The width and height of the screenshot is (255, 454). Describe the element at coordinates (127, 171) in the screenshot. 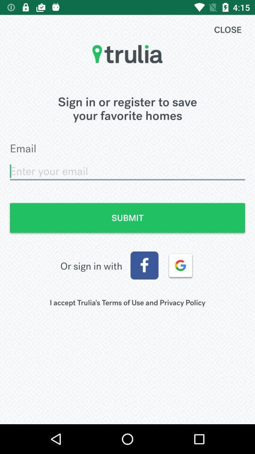

I see `email` at that location.